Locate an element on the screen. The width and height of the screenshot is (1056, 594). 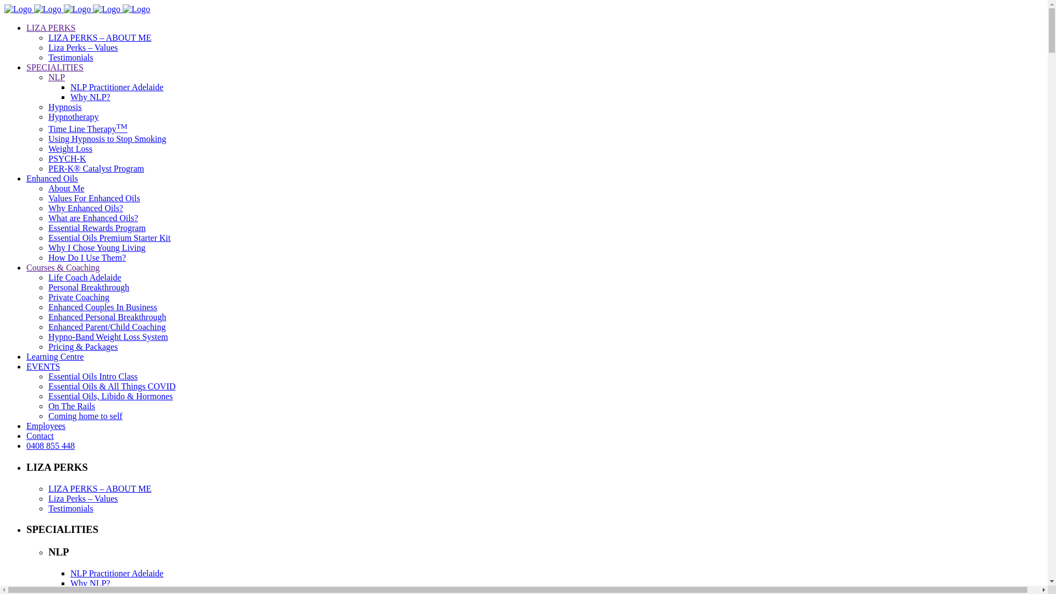
'Enhanced Couples In Business' is located at coordinates (47, 307).